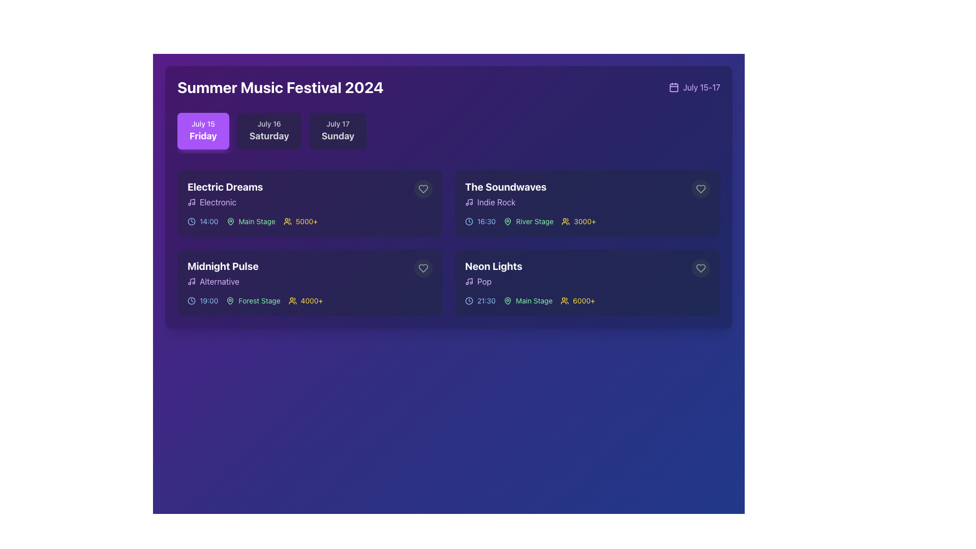  I want to click on the third button representing the date 'July 17' Sunday, so click(338, 131).